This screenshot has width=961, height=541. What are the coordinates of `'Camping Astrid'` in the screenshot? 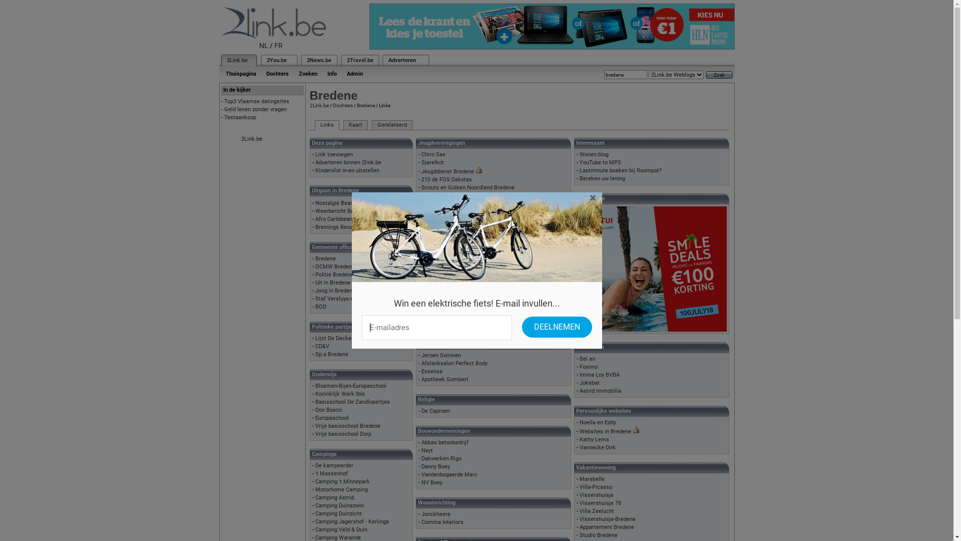 It's located at (314, 497).